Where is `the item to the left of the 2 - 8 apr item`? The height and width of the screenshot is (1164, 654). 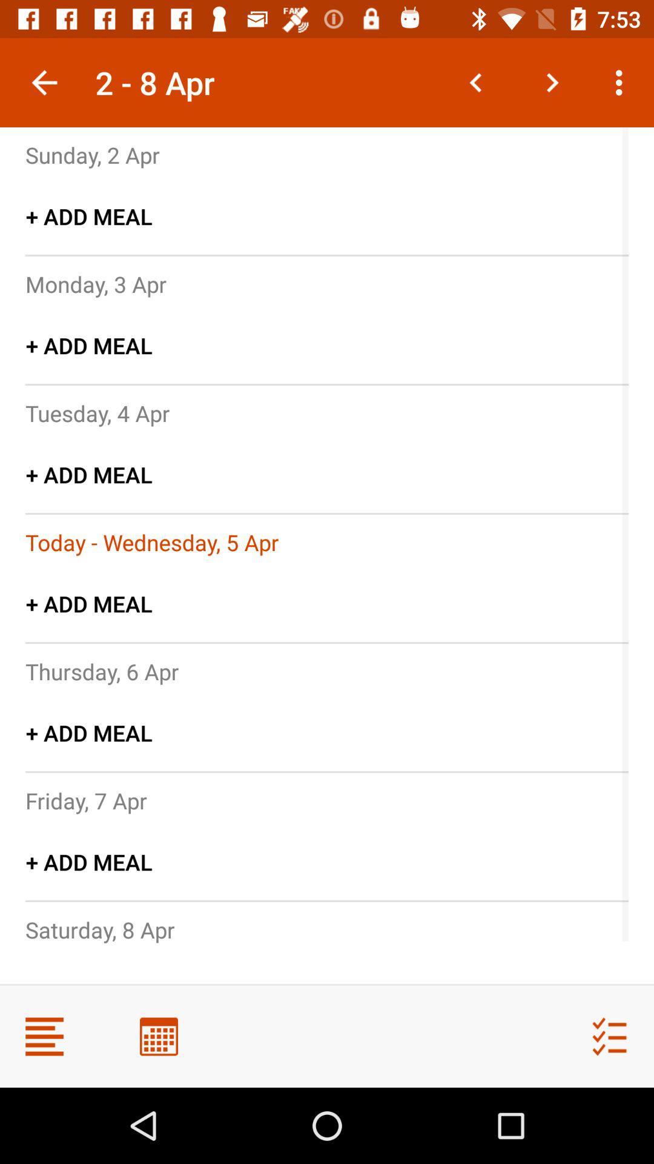 the item to the left of the 2 - 8 apr item is located at coordinates (44, 82).